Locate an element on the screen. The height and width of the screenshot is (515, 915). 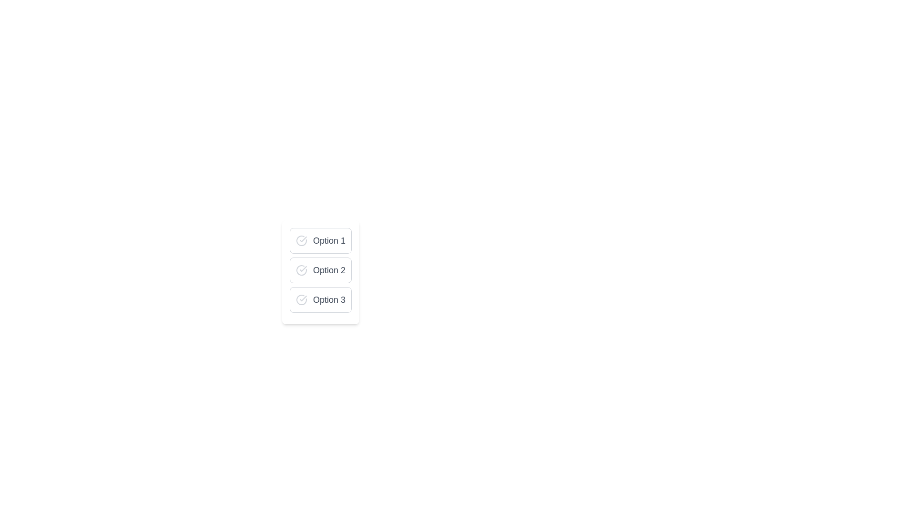
the checkmark icon within the 'Option 2' SVG graphic is located at coordinates (303, 268).